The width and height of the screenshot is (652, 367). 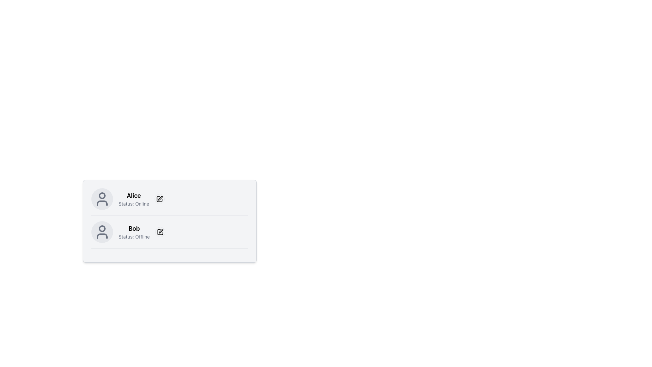 I want to click on the edit button located to the right of the label displaying 'Bob' and 'Status: Offline', so click(x=160, y=231).